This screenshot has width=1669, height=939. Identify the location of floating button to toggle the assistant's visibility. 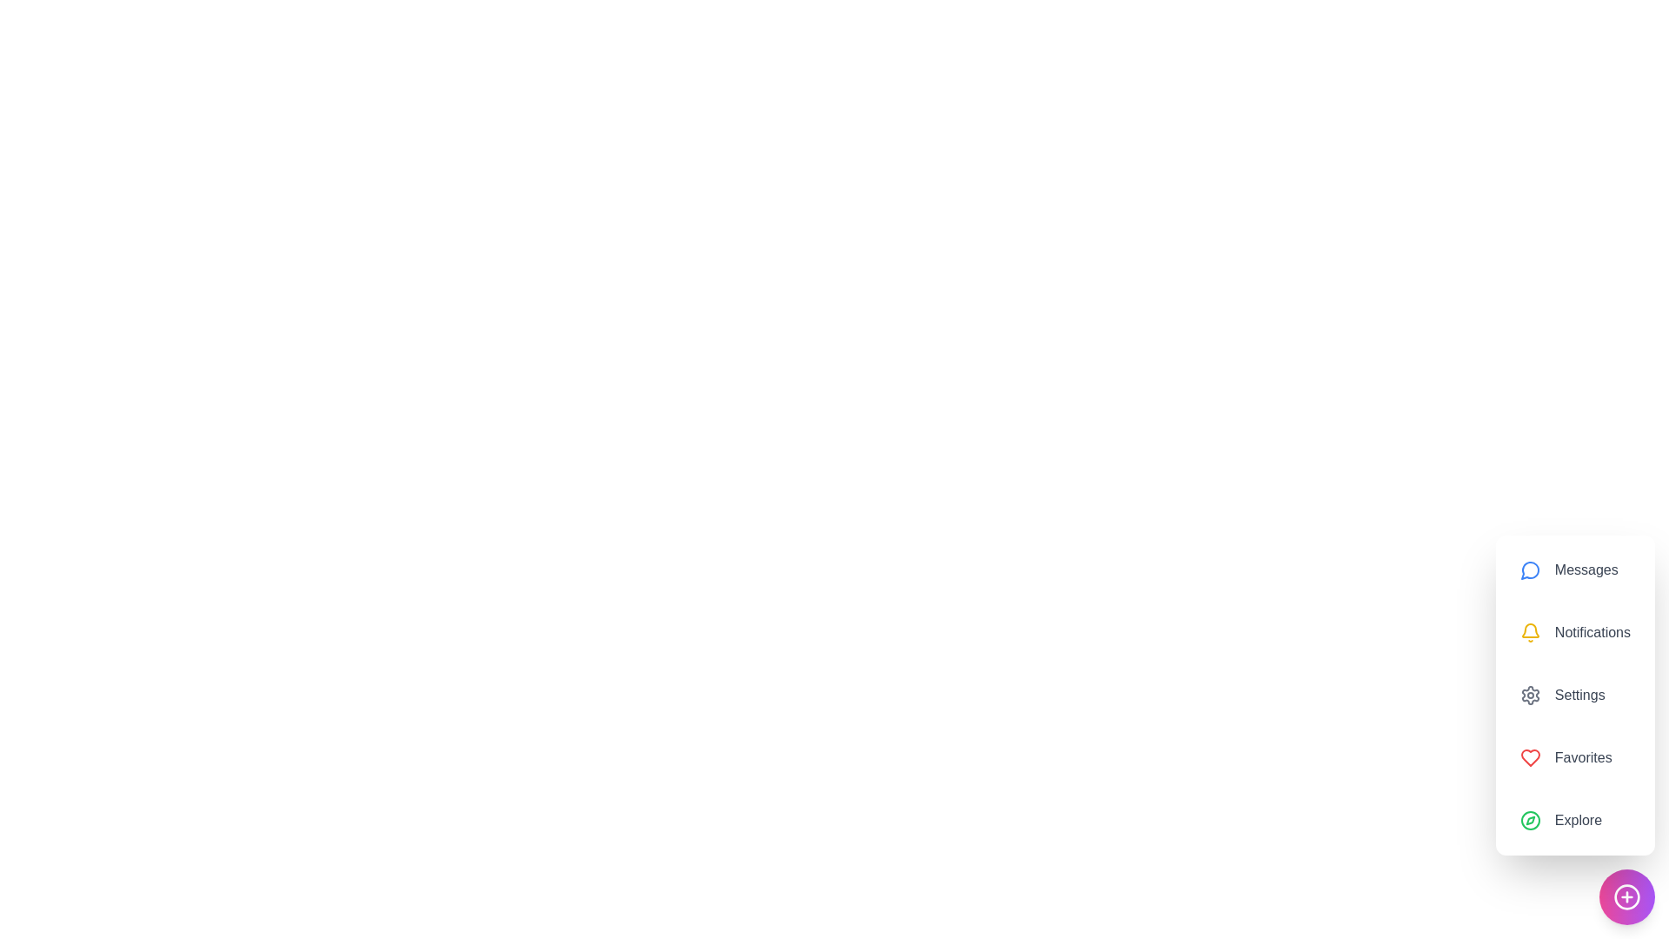
(1626, 897).